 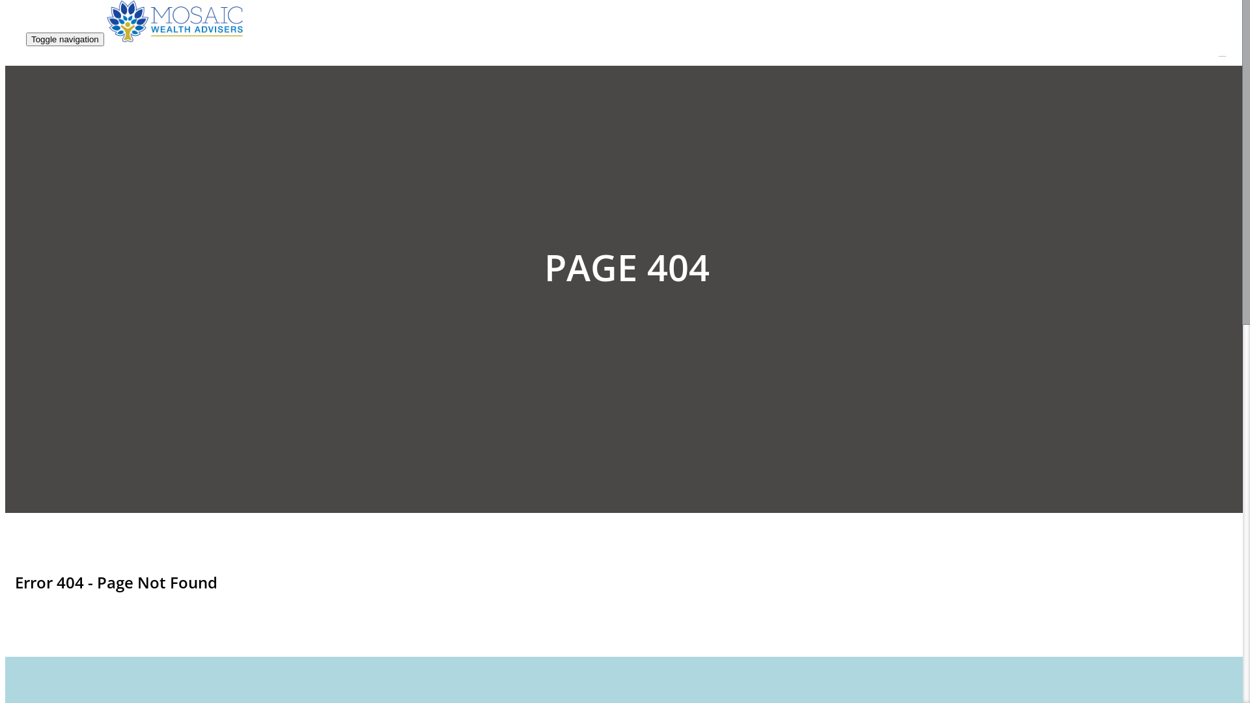 I want to click on 'Financial Planning', so click(x=978, y=68).